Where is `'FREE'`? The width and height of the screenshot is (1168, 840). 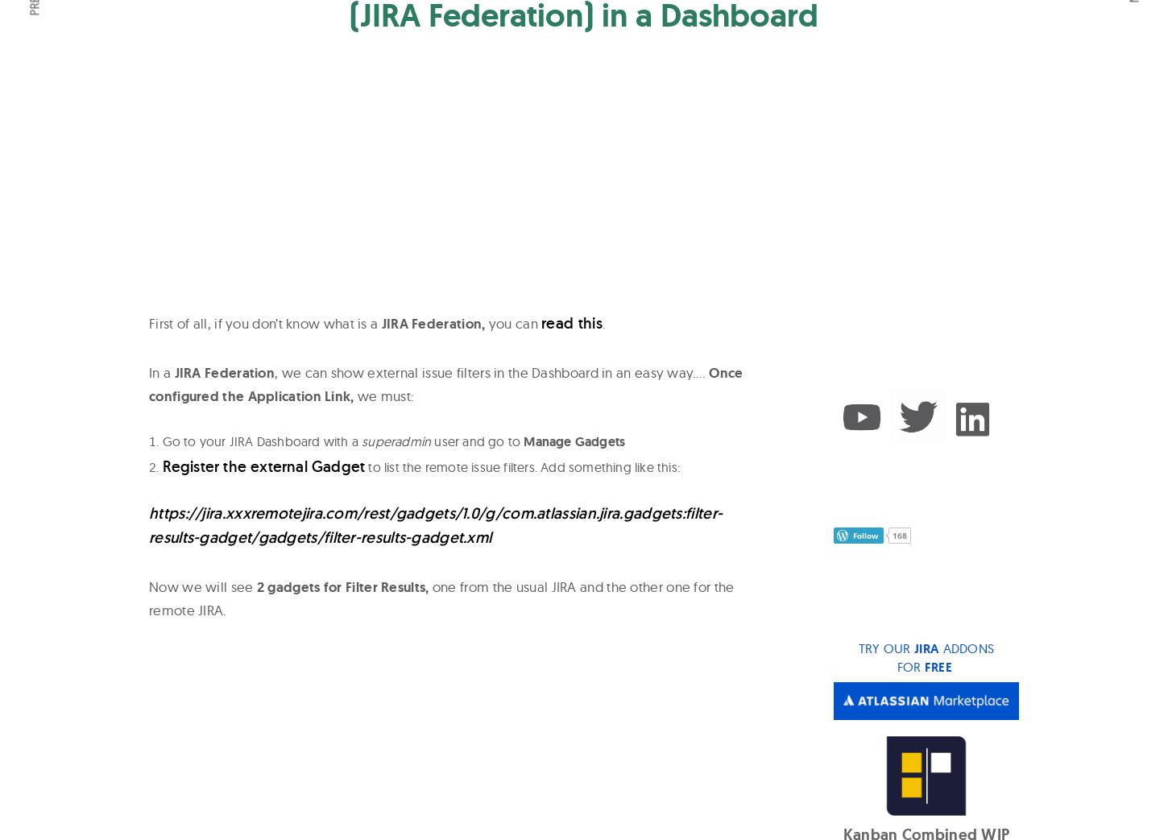
'FREE' is located at coordinates (937, 666).